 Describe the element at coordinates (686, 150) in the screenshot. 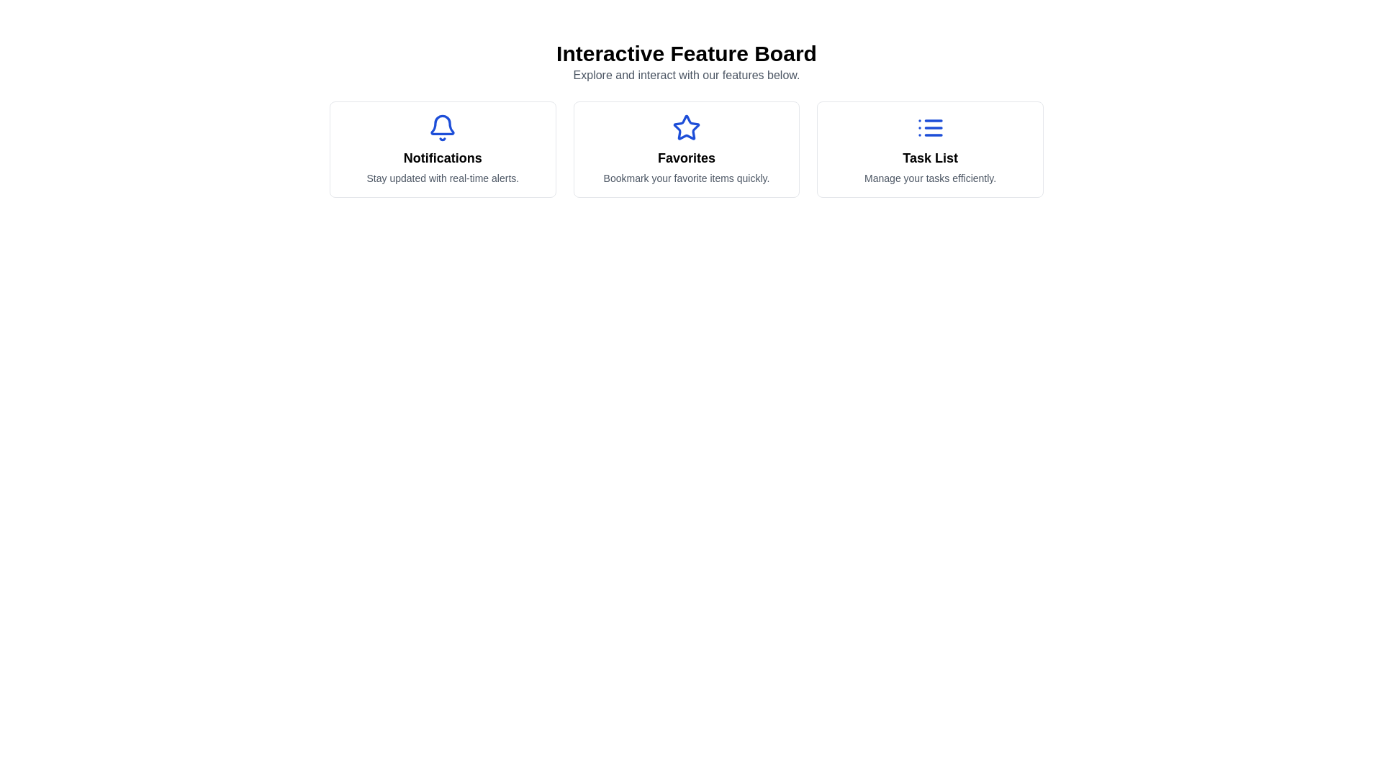

I see `the Feature card, which is the second item in a row of three similar cards in a grid layout` at that location.